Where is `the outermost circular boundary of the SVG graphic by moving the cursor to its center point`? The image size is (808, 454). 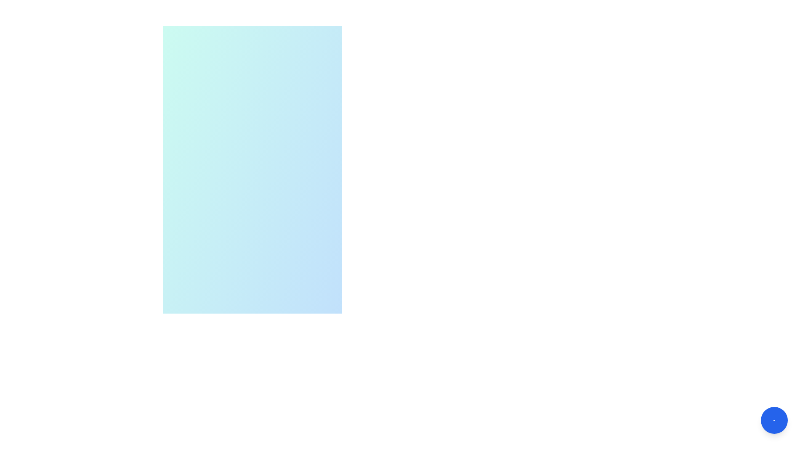
the outermost circular boundary of the SVG graphic by moving the cursor to its center point is located at coordinates (247, 365).